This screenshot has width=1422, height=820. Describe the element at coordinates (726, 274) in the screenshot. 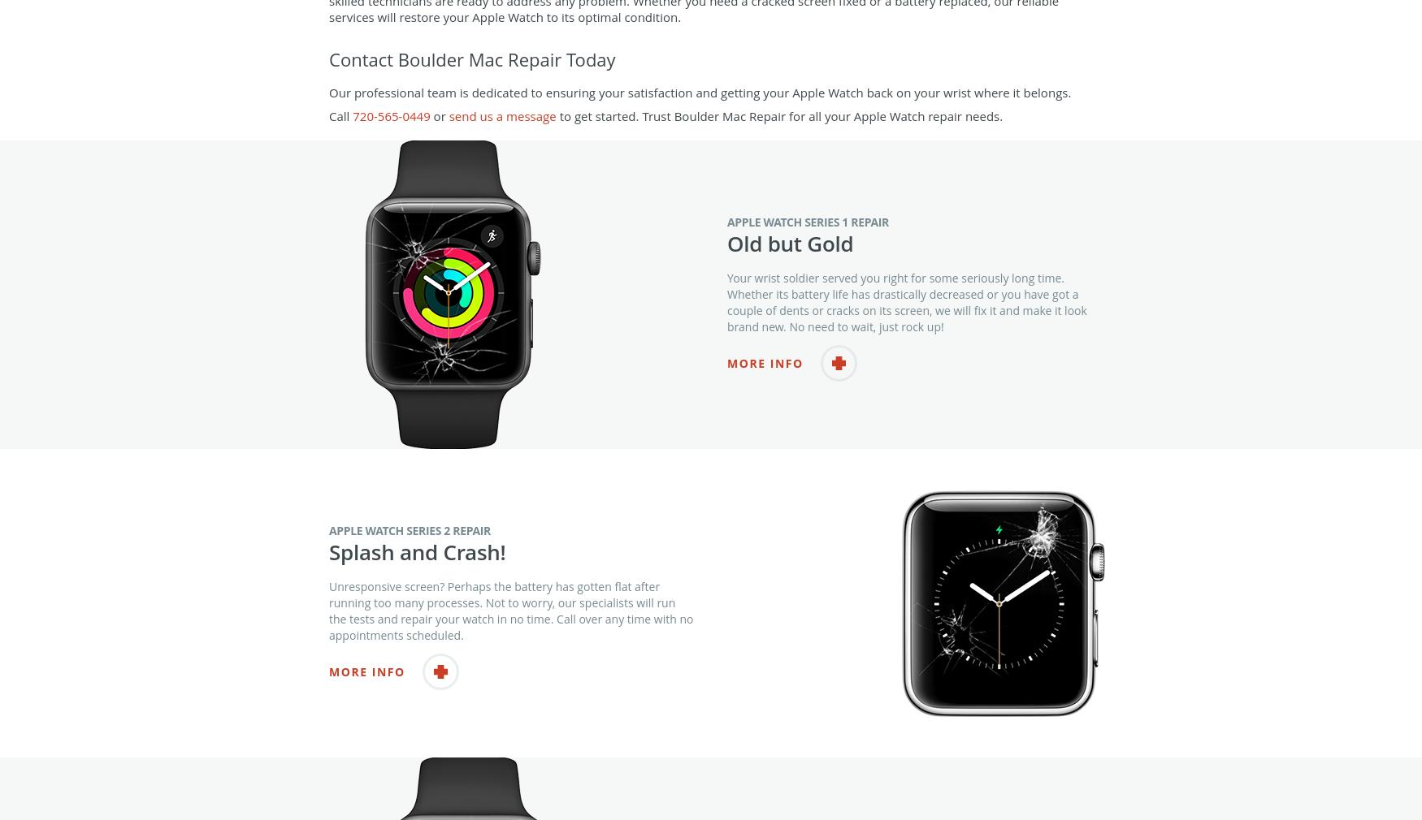

I see `'Old but Gold'` at that location.